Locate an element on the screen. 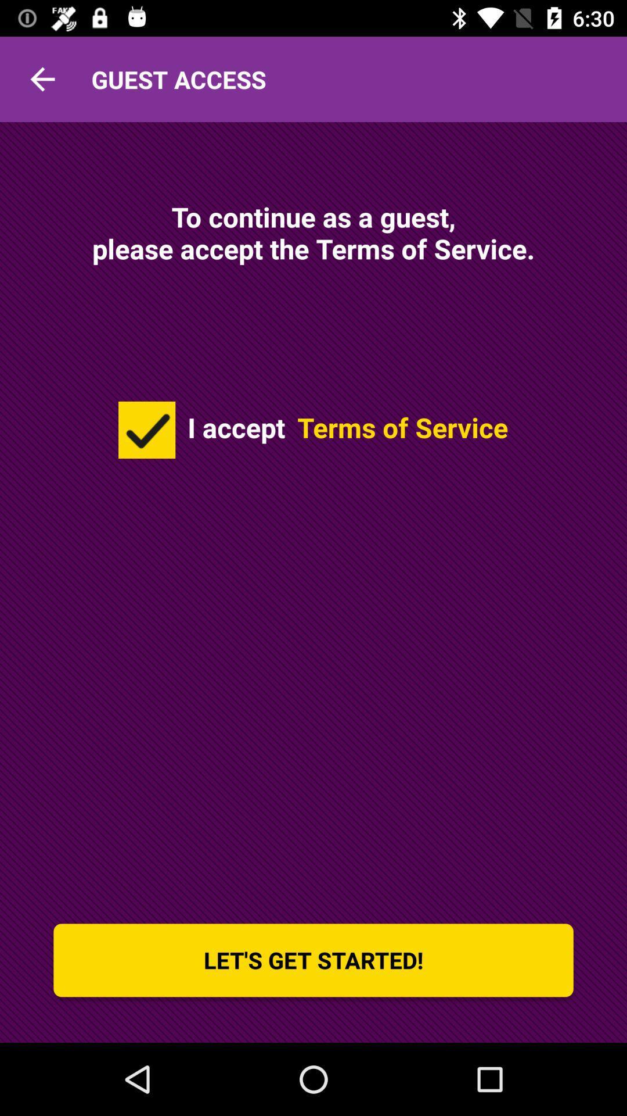 The width and height of the screenshot is (627, 1116). the icon next to the i accept item is located at coordinates (146, 429).